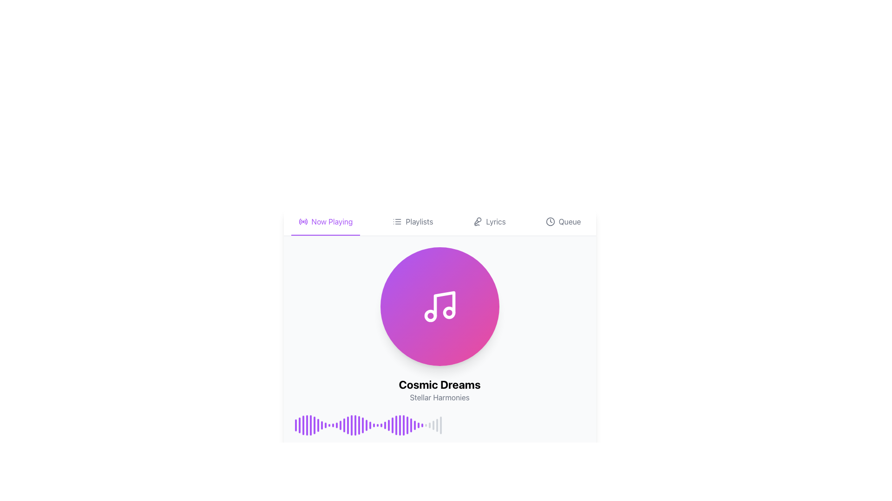  Describe the element at coordinates (439, 477) in the screenshot. I see `the decorative bar positioned at the bottom of the interface, which is styled to match the application theme and is centrally aligned` at that location.